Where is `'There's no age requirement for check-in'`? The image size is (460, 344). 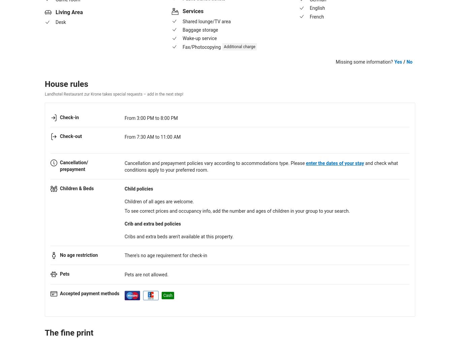 'There's no age requirement for check-in' is located at coordinates (166, 255).